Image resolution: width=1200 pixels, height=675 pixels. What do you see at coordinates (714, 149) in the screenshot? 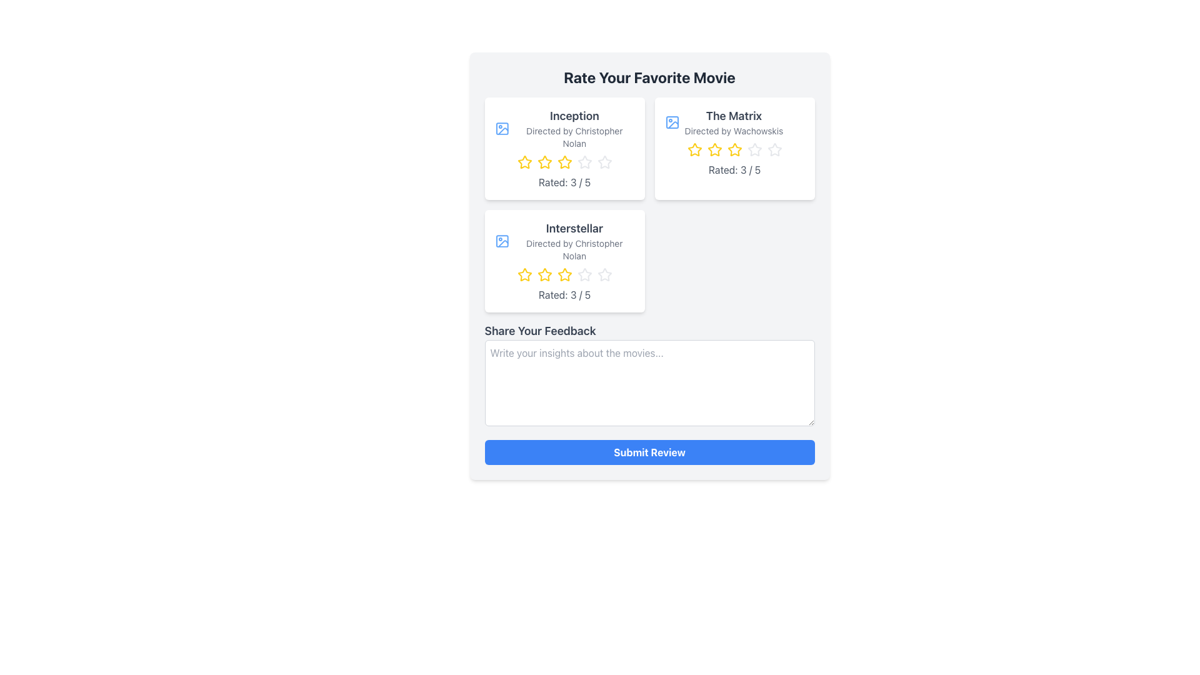
I see `the second yellow star in the rating row for 'The Matrix' to assign a rating` at bounding box center [714, 149].